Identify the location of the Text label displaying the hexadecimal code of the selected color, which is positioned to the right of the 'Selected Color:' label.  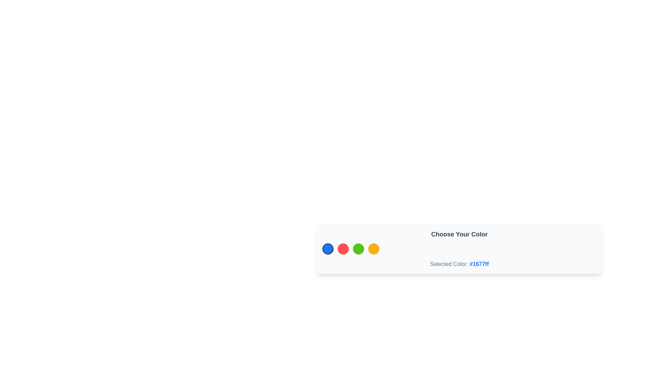
(479, 264).